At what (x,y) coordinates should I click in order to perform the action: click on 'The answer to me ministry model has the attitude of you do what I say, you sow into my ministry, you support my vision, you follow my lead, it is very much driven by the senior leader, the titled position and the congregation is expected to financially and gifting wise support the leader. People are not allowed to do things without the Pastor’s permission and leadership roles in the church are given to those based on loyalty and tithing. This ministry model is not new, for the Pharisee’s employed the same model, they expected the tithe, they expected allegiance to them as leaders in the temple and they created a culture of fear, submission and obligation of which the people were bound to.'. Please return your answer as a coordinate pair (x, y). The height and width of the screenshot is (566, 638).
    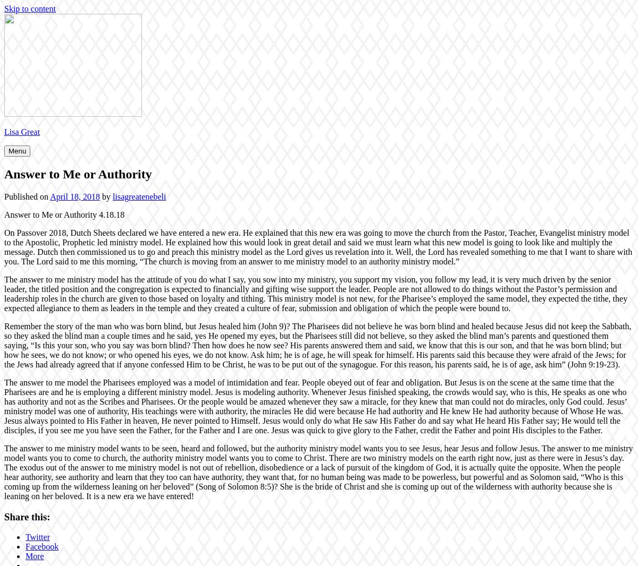
    Looking at the image, I should click on (315, 293).